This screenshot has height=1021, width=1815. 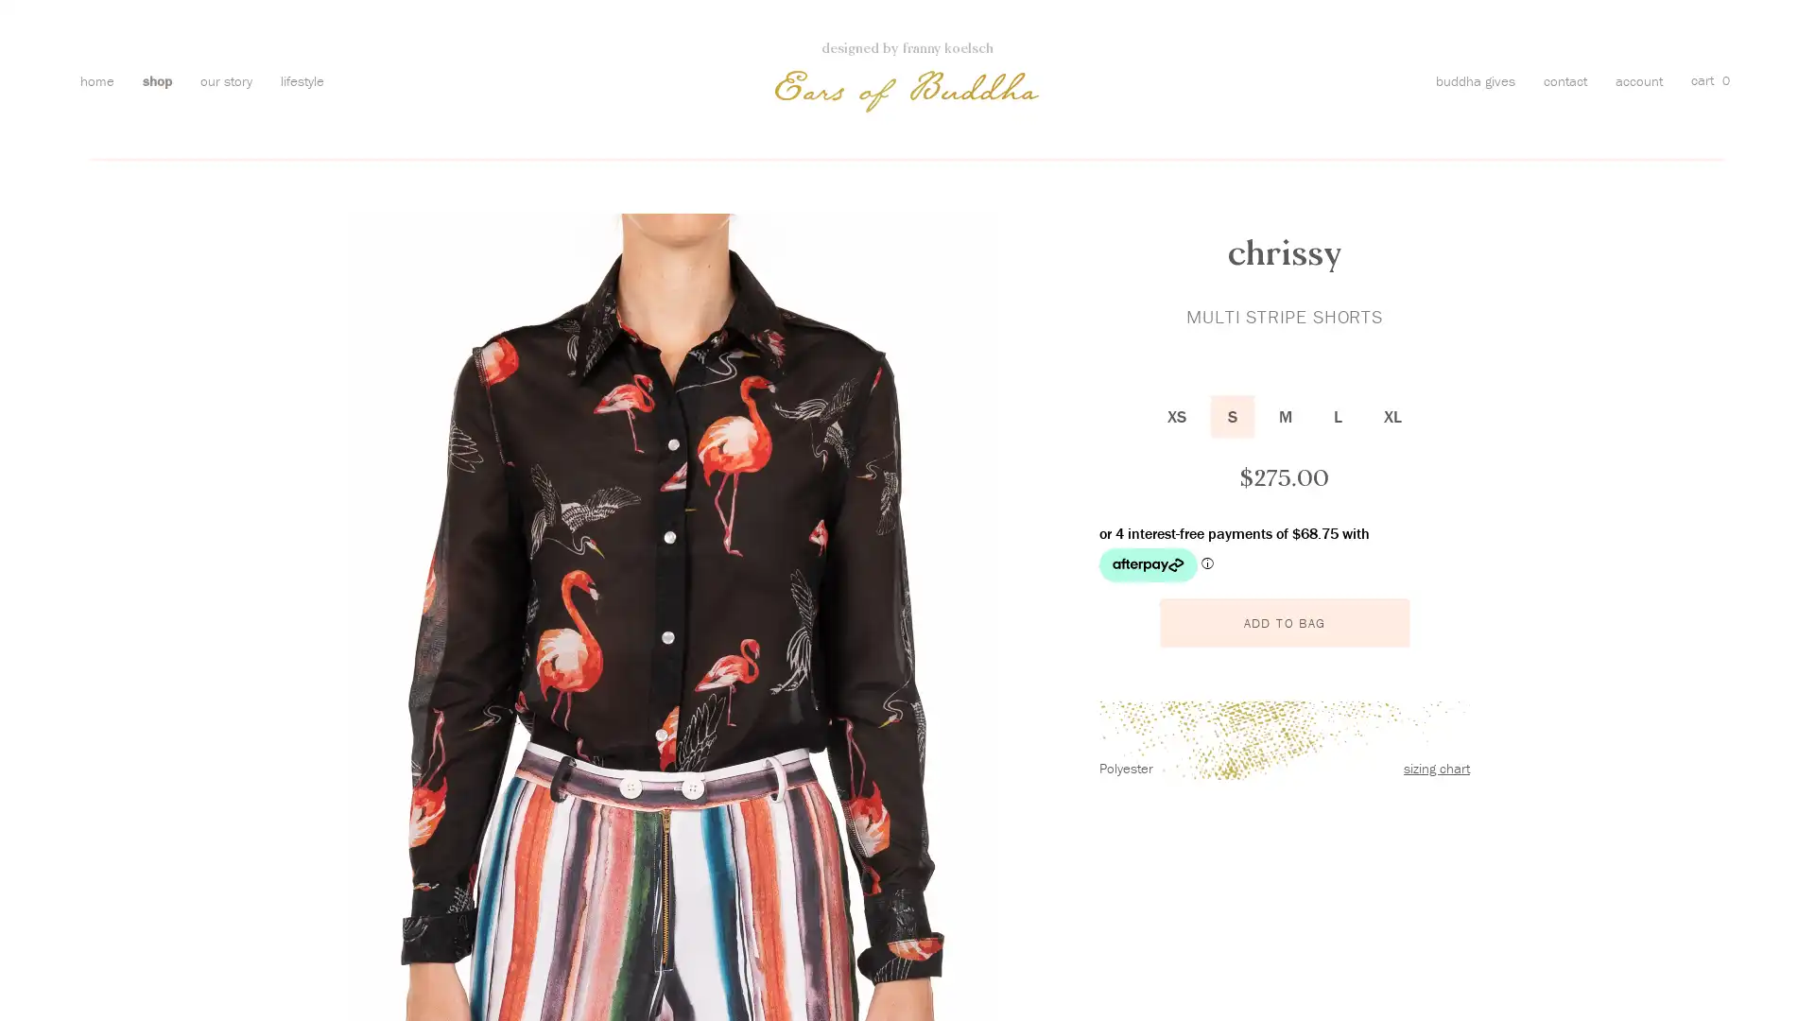 I want to click on Afterpay logo - Opens a dialog, so click(x=1147, y=567).